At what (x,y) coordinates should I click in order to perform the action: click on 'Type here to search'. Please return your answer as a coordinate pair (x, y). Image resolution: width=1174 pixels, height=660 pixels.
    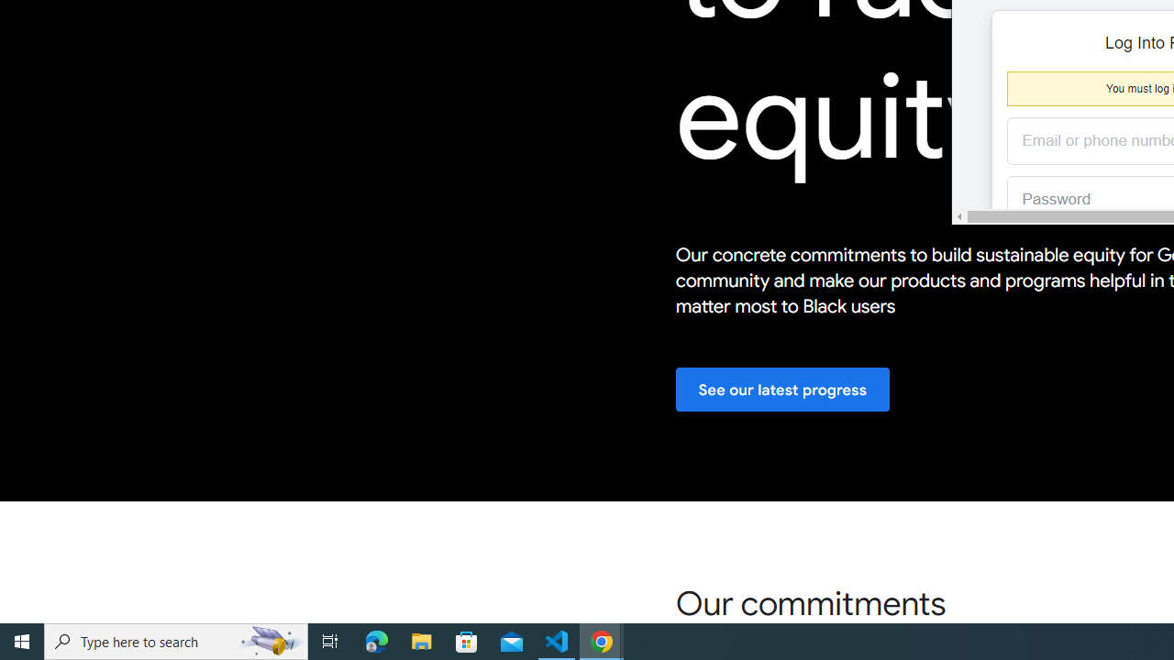
    Looking at the image, I should click on (176, 640).